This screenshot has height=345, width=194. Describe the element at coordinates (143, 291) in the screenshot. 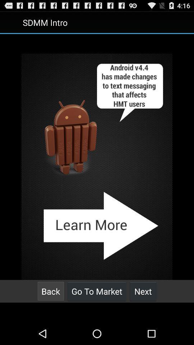

I see `next icon` at that location.